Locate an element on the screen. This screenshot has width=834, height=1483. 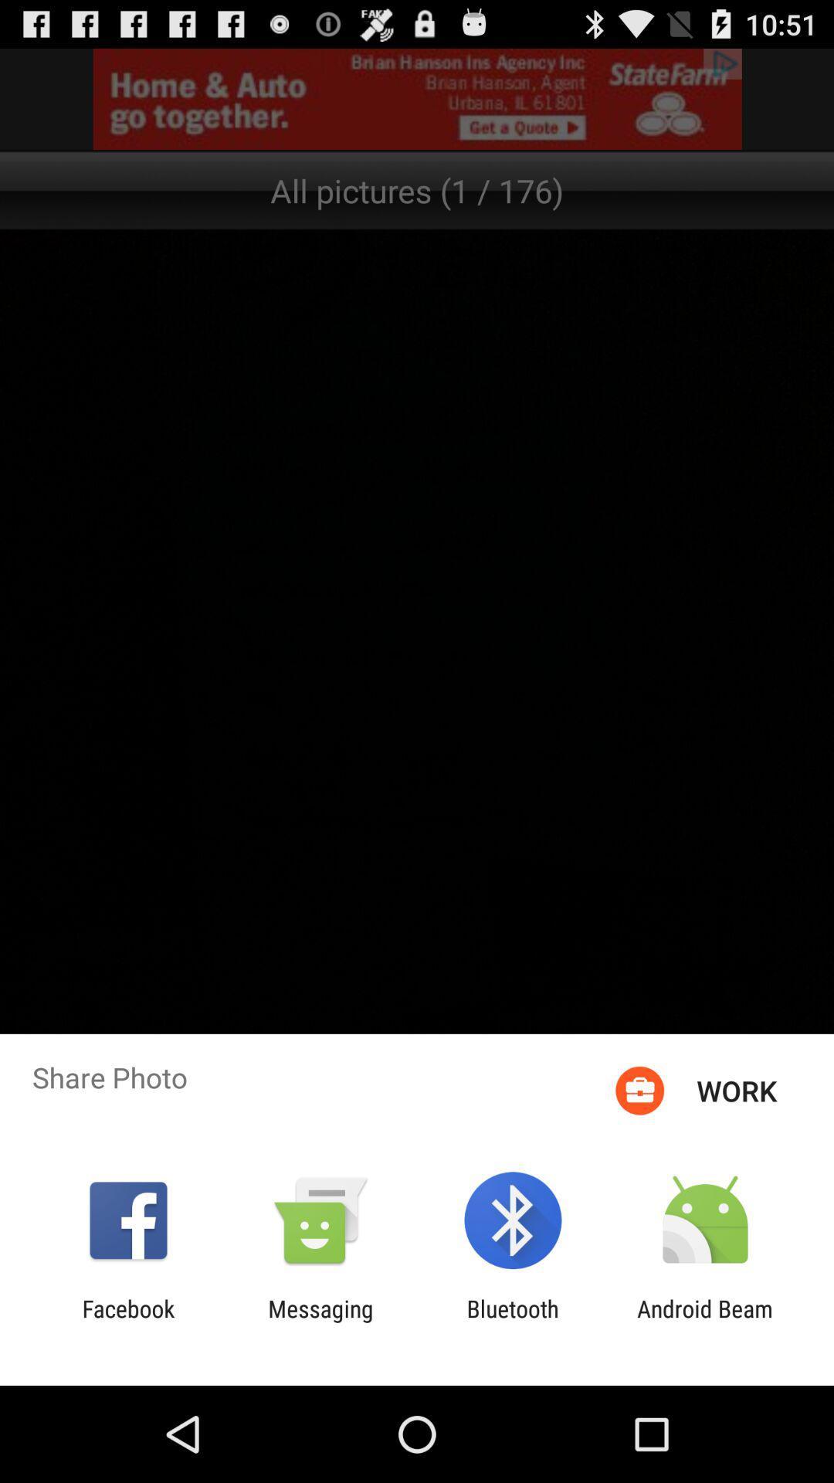
app to the right of messaging icon is located at coordinates (513, 1322).